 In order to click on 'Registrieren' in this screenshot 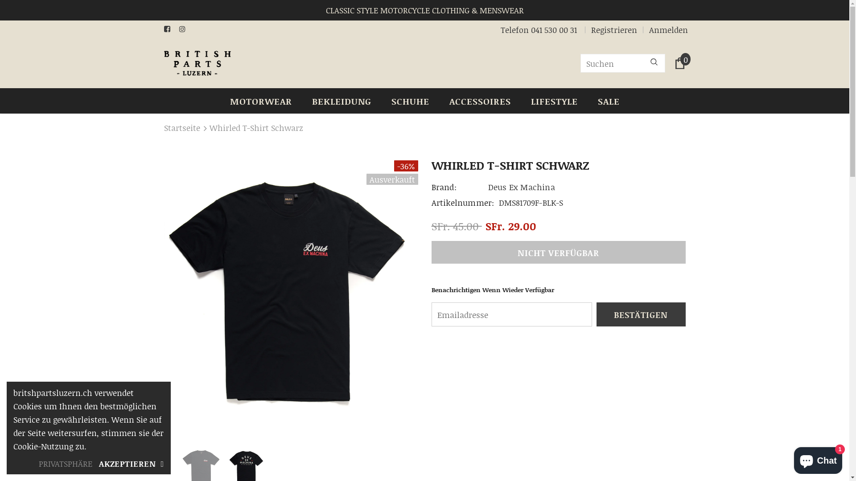, I will do `click(613, 29)`.